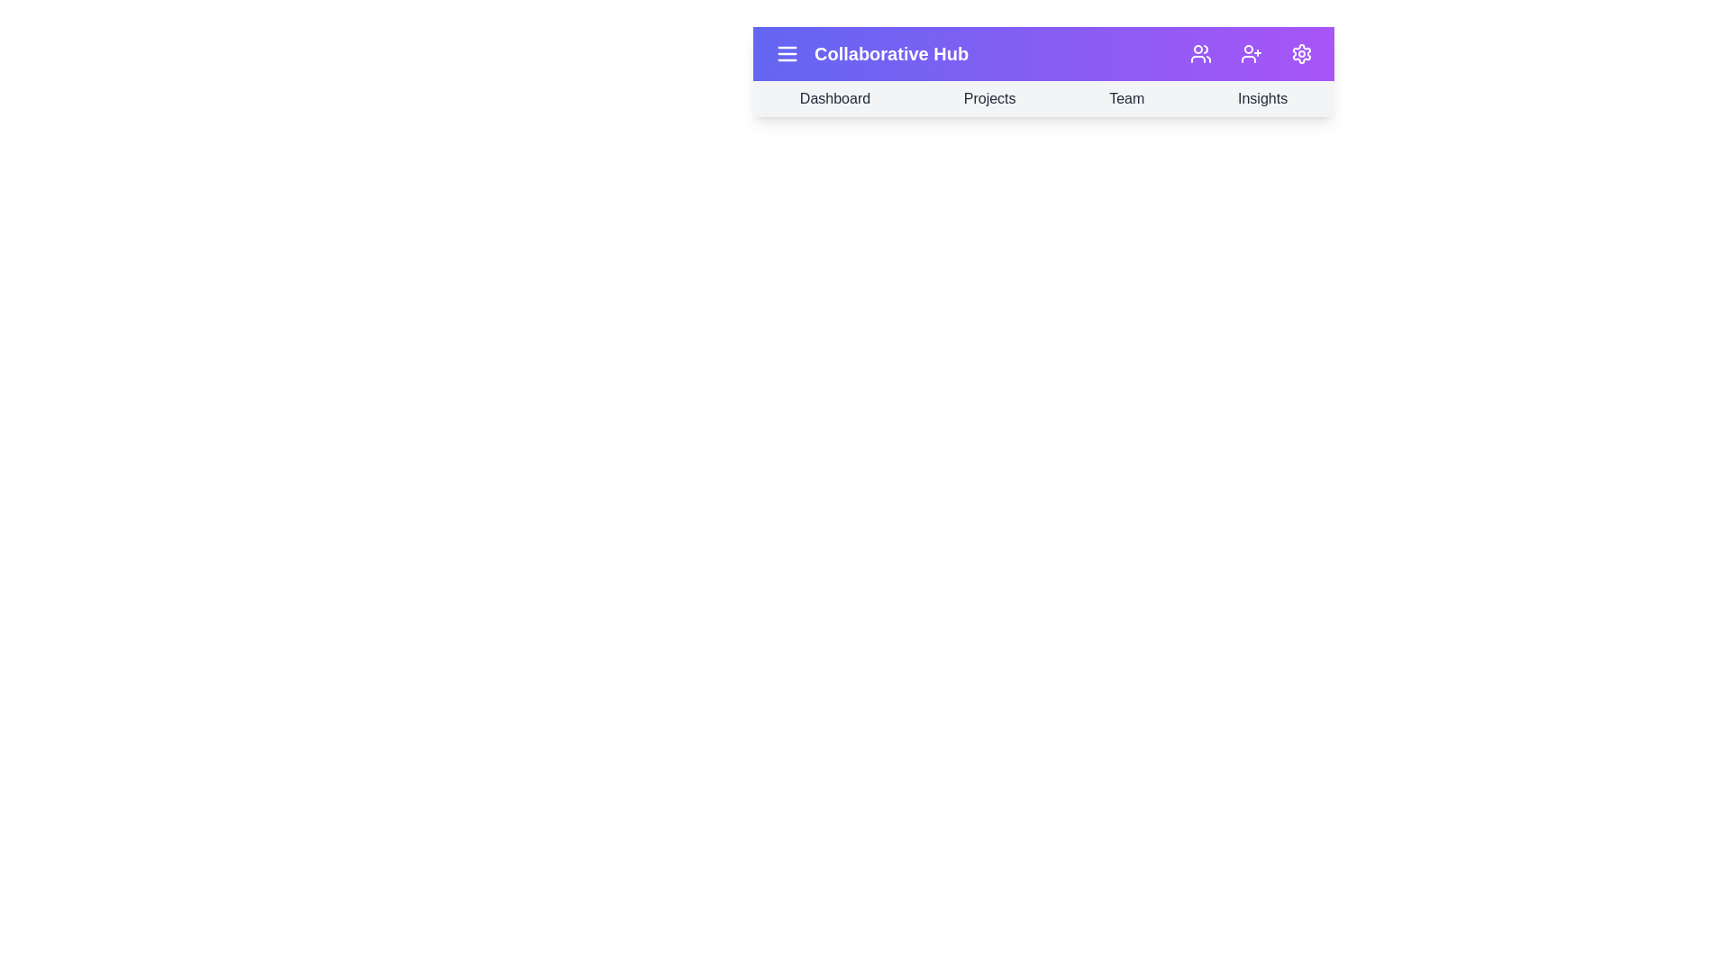  I want to click on the Users button in the CollaborativeAppBar, so click(1201, 53).